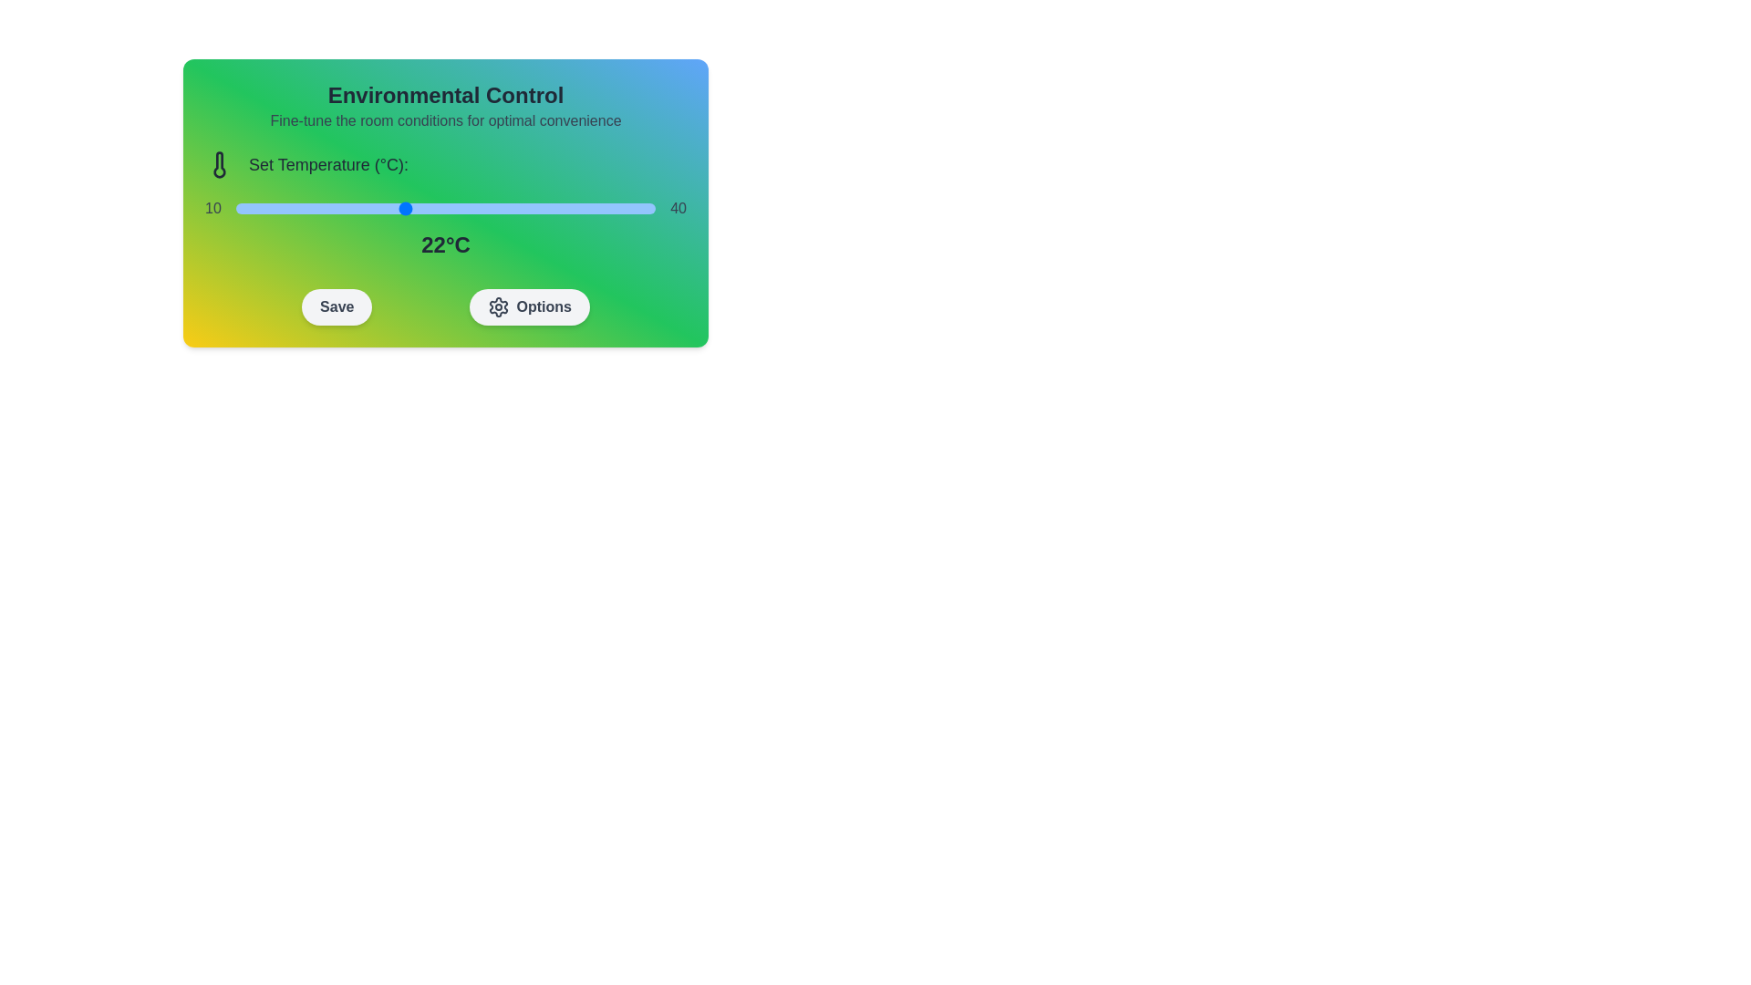 This screenshot has height=985, width=1751. Describe the element at coordinates (446, 95) in the screenshot. I see `the text label reading 'Environmental Control' which is styled in a bold, large font and positioned at the top center of the interface` at that location.